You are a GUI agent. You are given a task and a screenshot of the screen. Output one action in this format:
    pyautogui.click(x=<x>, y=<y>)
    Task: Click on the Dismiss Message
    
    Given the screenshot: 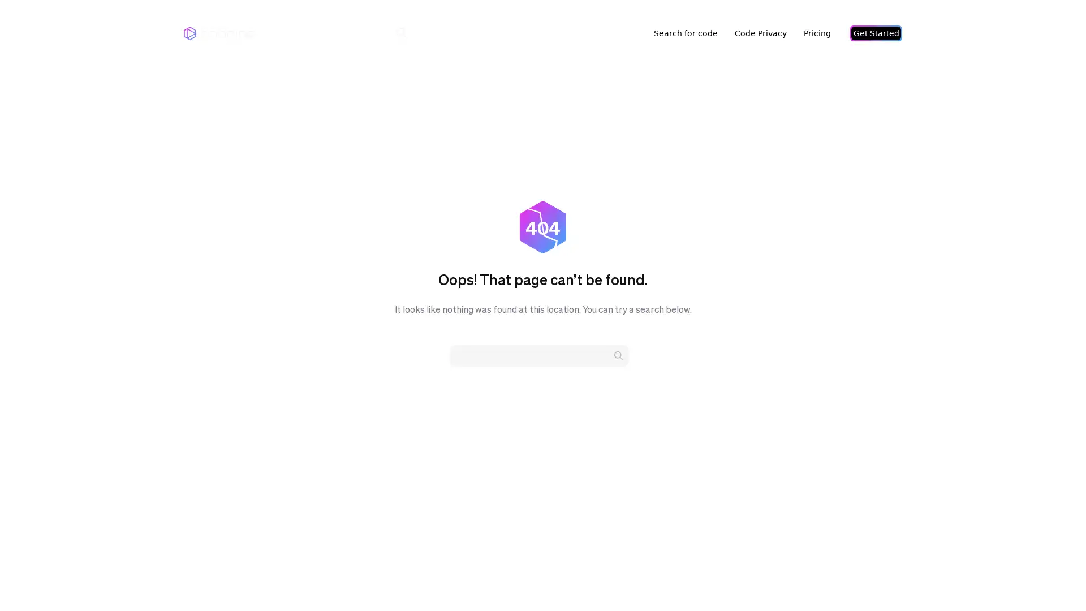 What is the action you would take?
    pyautogui.click(x=1027, y=567)
    